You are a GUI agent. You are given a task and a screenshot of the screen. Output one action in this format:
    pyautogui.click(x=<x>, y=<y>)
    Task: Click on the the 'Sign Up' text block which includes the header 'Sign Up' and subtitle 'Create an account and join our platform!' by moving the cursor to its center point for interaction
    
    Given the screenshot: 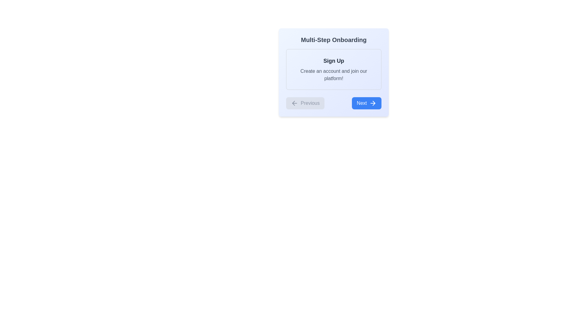 What is the action you would take?
    pyautogui.click(x=333, y=69)
    